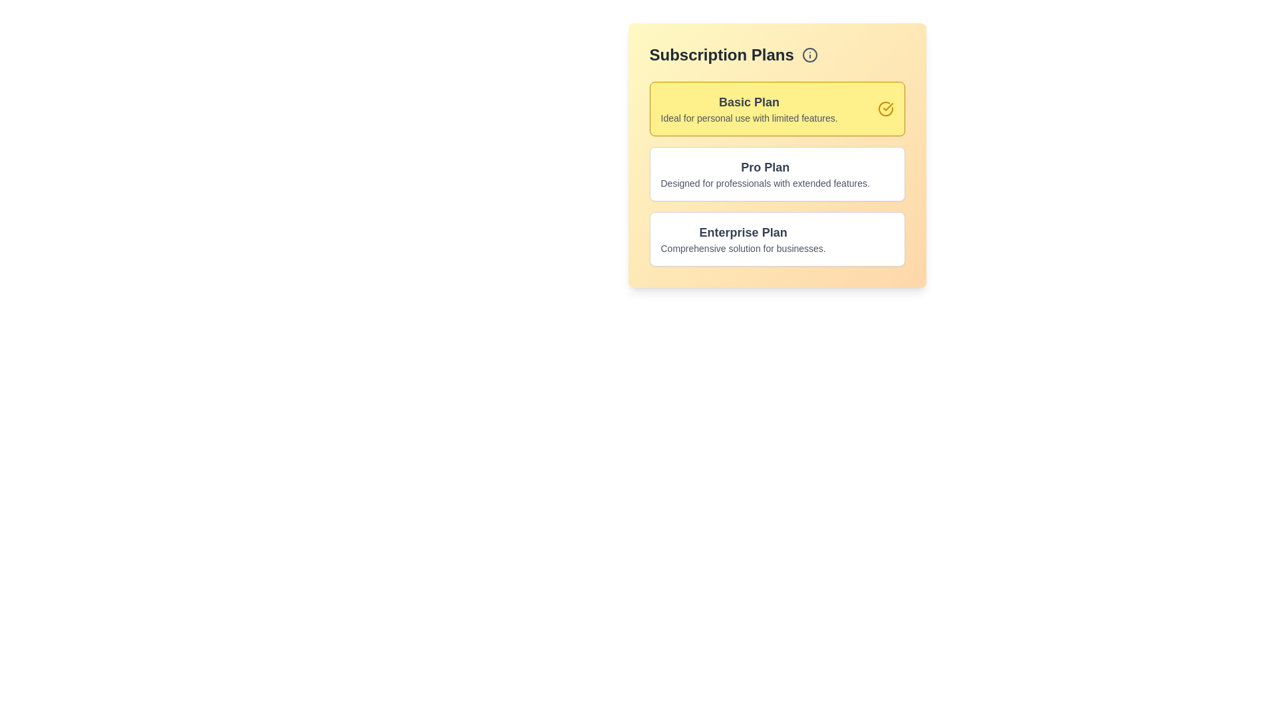  Describe the element at coordinates (749, 108) in the screenshot. I see `the 'Basic Plan' subscription description text, which is the first option in the subscription plan list, located within a yellow-highlighted box near the top of the 'Subscription Plans' section` at that location.